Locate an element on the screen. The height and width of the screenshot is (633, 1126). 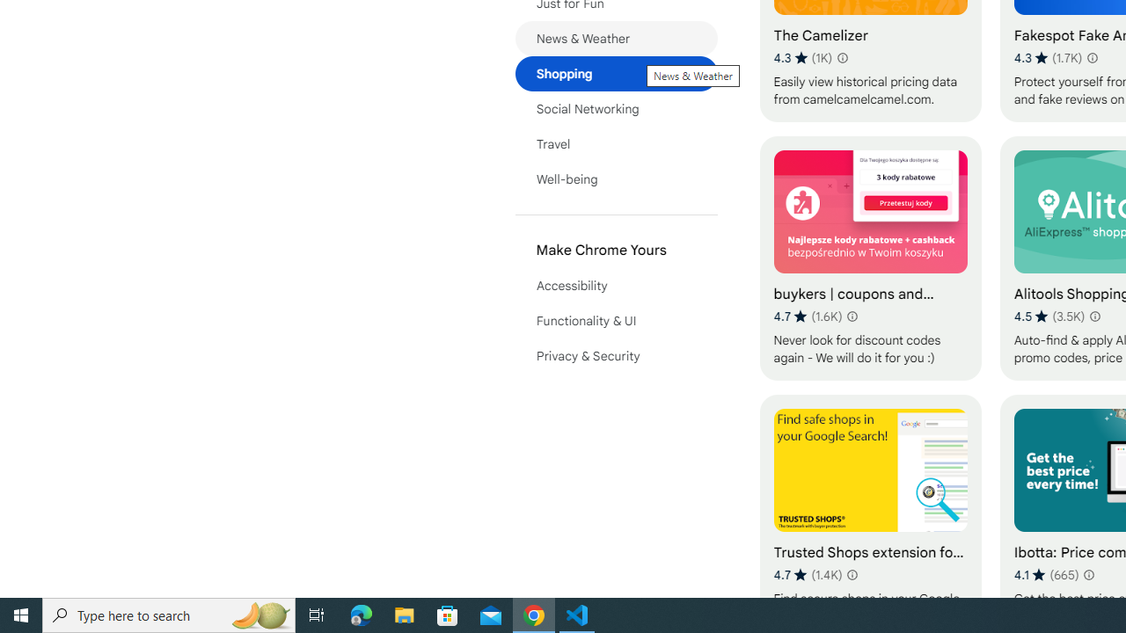
'Travel' is located at coordinates (616, 143).